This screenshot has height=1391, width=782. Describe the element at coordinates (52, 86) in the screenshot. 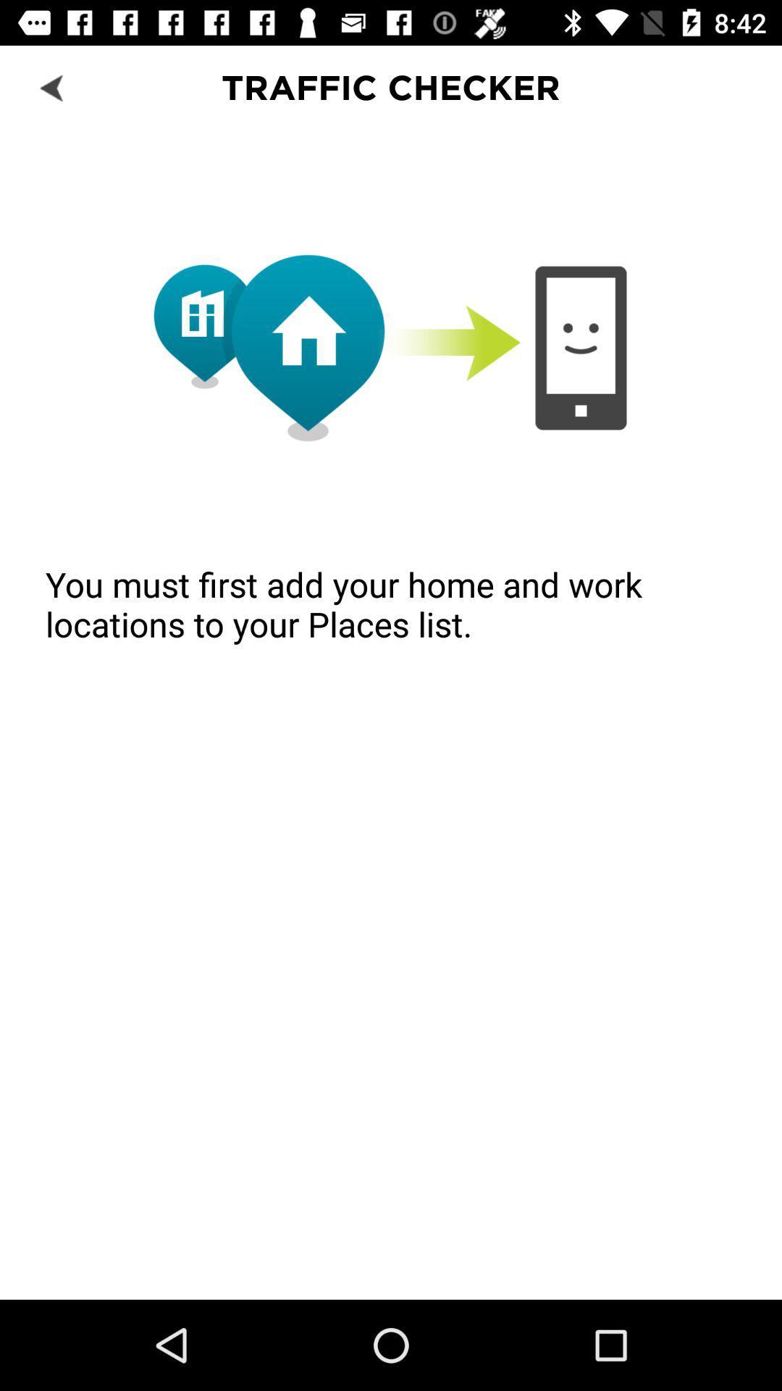

I see `return to the previous page` at that location.